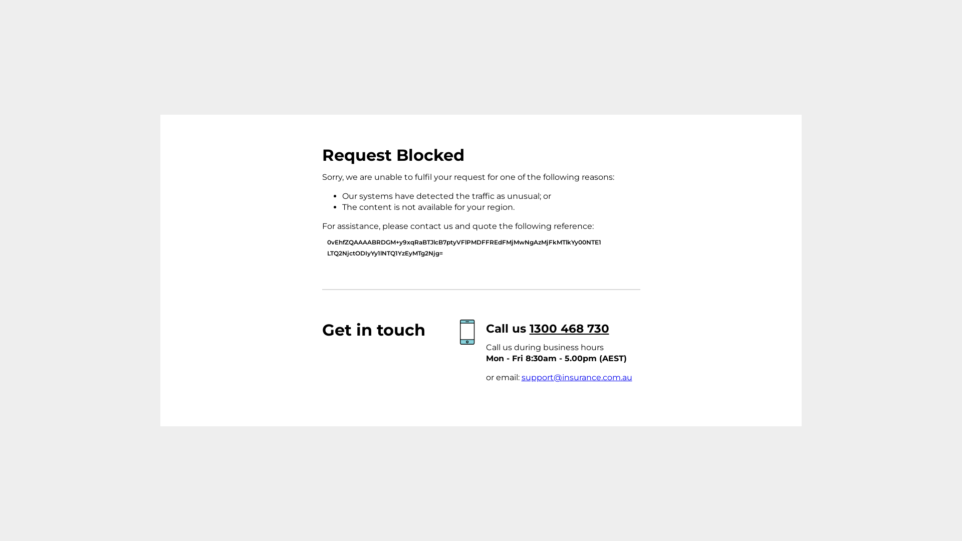 The height and width of the screenshot is (541, 962). What do you see at coordinates (569, 328) in the screenshot?
I see `'1300 468 730'` at bounding box center [569, 328].